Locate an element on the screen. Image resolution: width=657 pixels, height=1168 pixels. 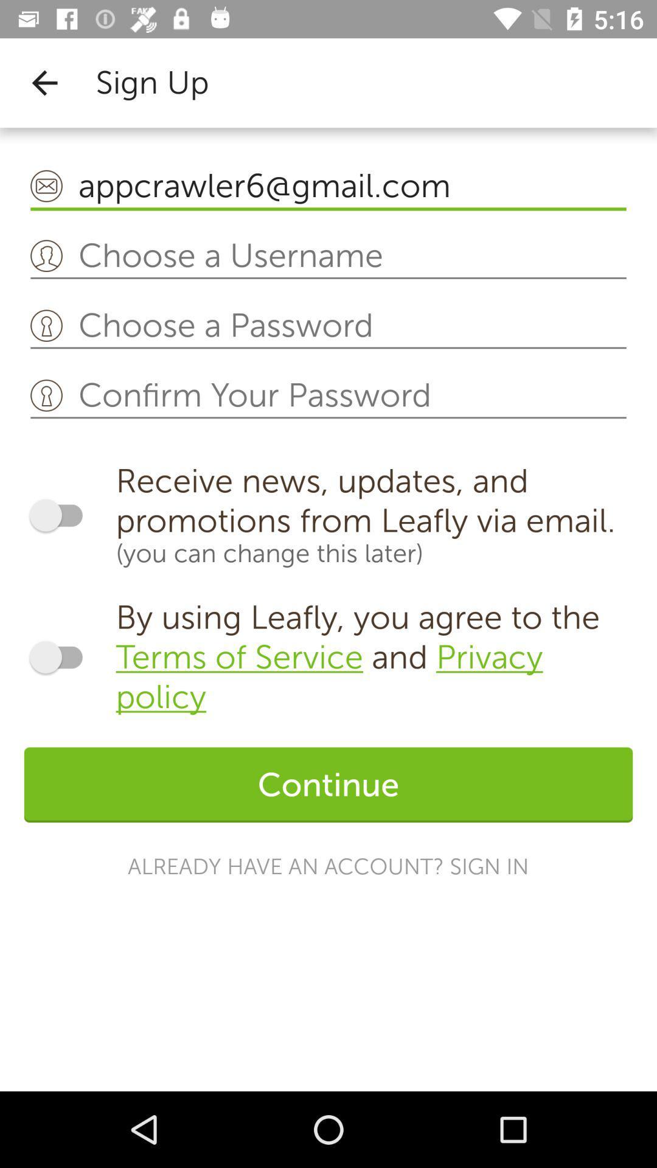
the item above the appcrawler6@gmail.com icon is located at coordinates (44, 82).